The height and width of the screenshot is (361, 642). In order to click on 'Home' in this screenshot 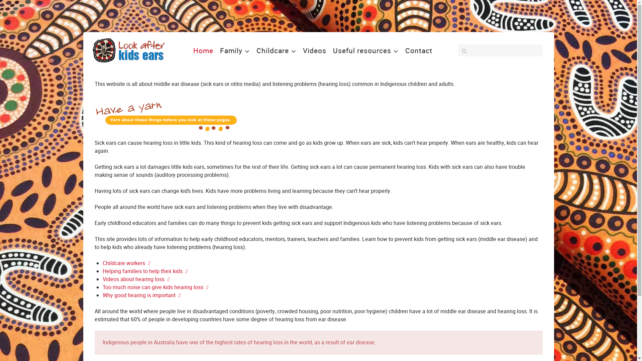, I will do `click(190, 50)`.